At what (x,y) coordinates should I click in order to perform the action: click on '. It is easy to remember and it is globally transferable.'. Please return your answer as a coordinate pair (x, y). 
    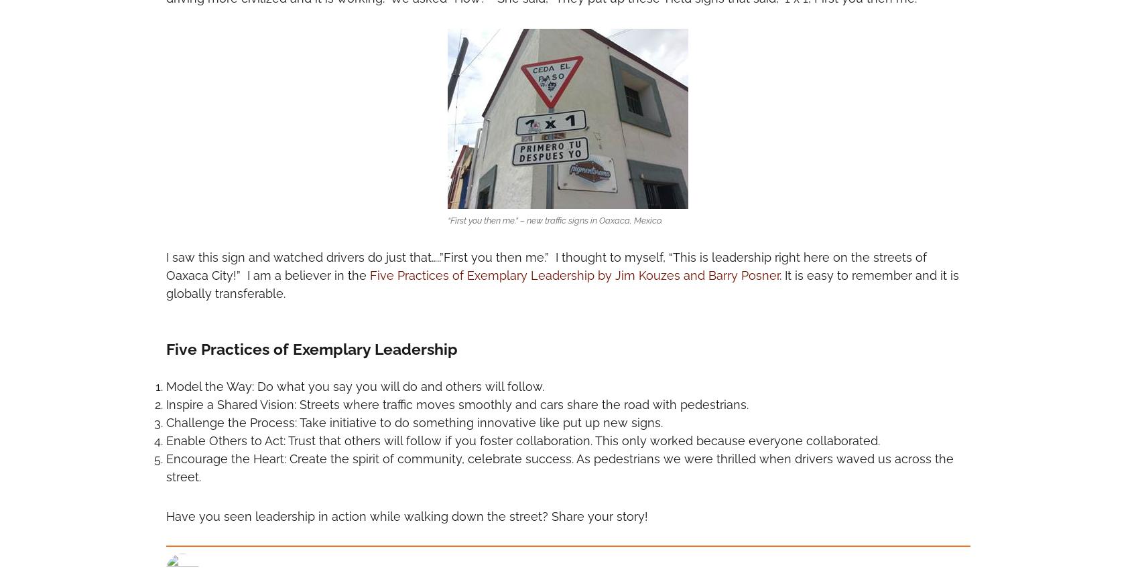
    Looking at the image, I should click on (562, 284).